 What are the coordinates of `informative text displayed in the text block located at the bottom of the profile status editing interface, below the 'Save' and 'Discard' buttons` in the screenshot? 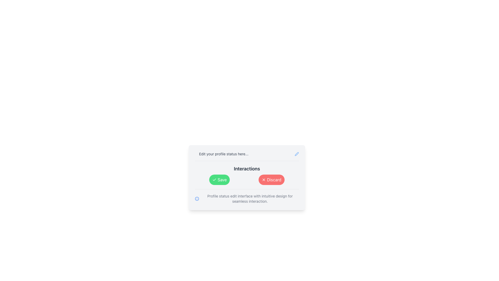 It's located at (250, 199).